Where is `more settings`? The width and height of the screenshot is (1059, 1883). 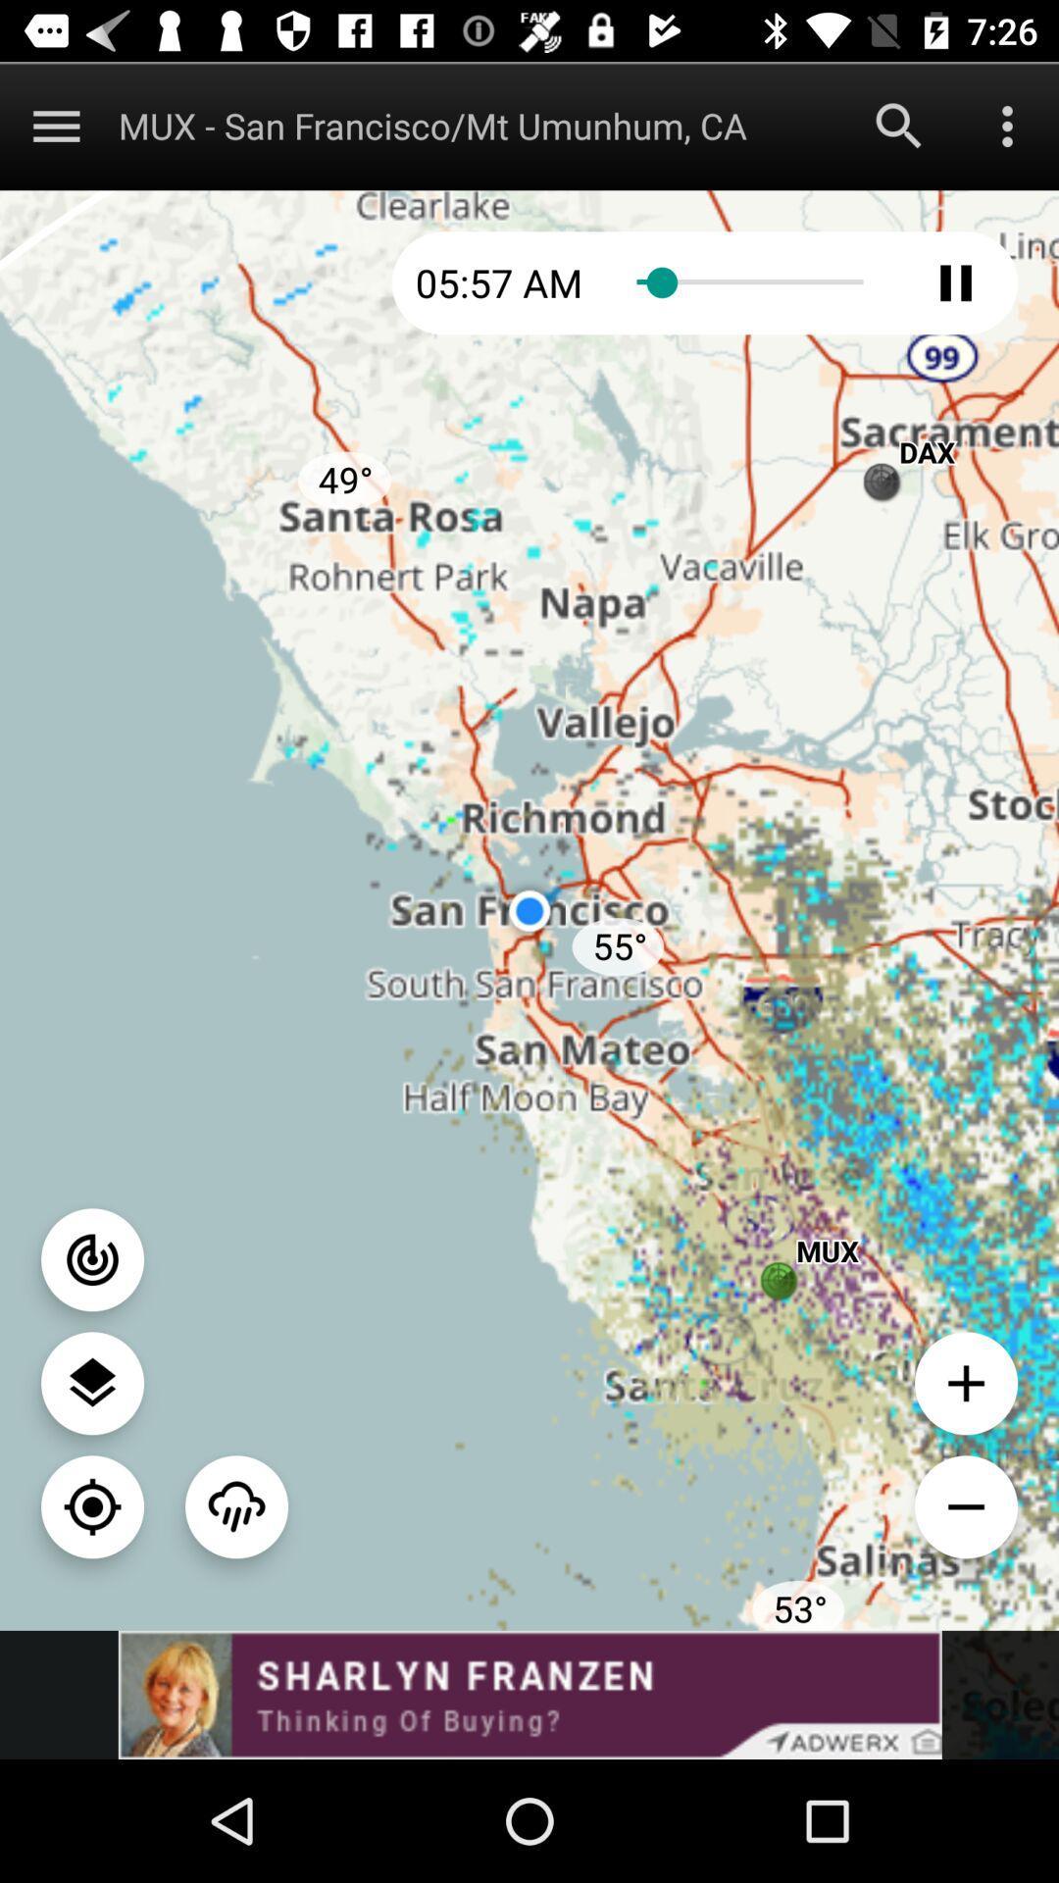 more settings is located at coordinates (1007, 125).